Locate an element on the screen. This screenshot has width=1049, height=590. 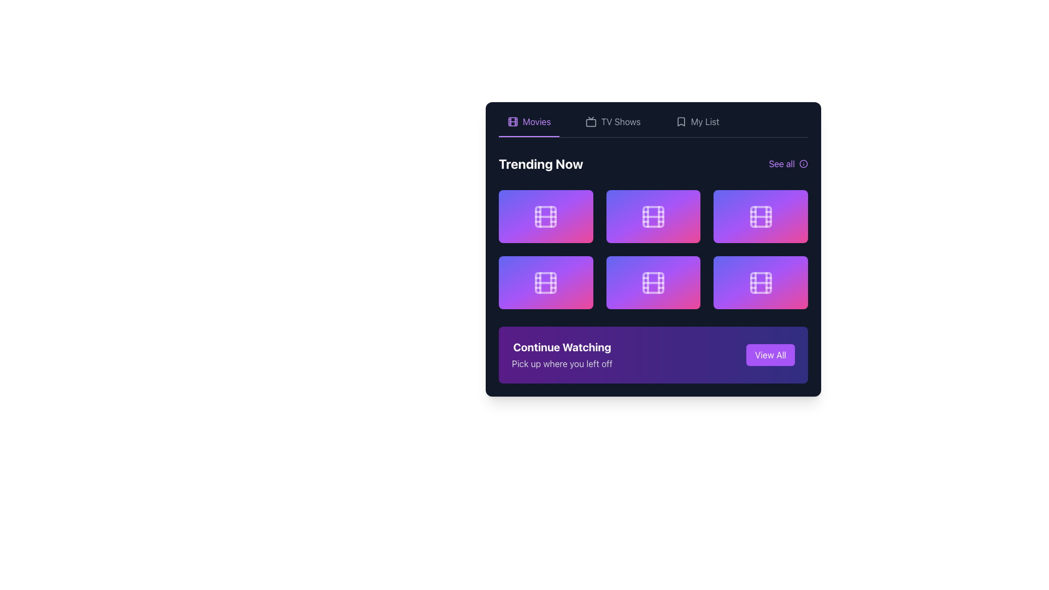
the sixth rectangular icon with rounded corners located in the bottom-right corner of the 'Trending Now' grid is located at coordinates (760, 216).